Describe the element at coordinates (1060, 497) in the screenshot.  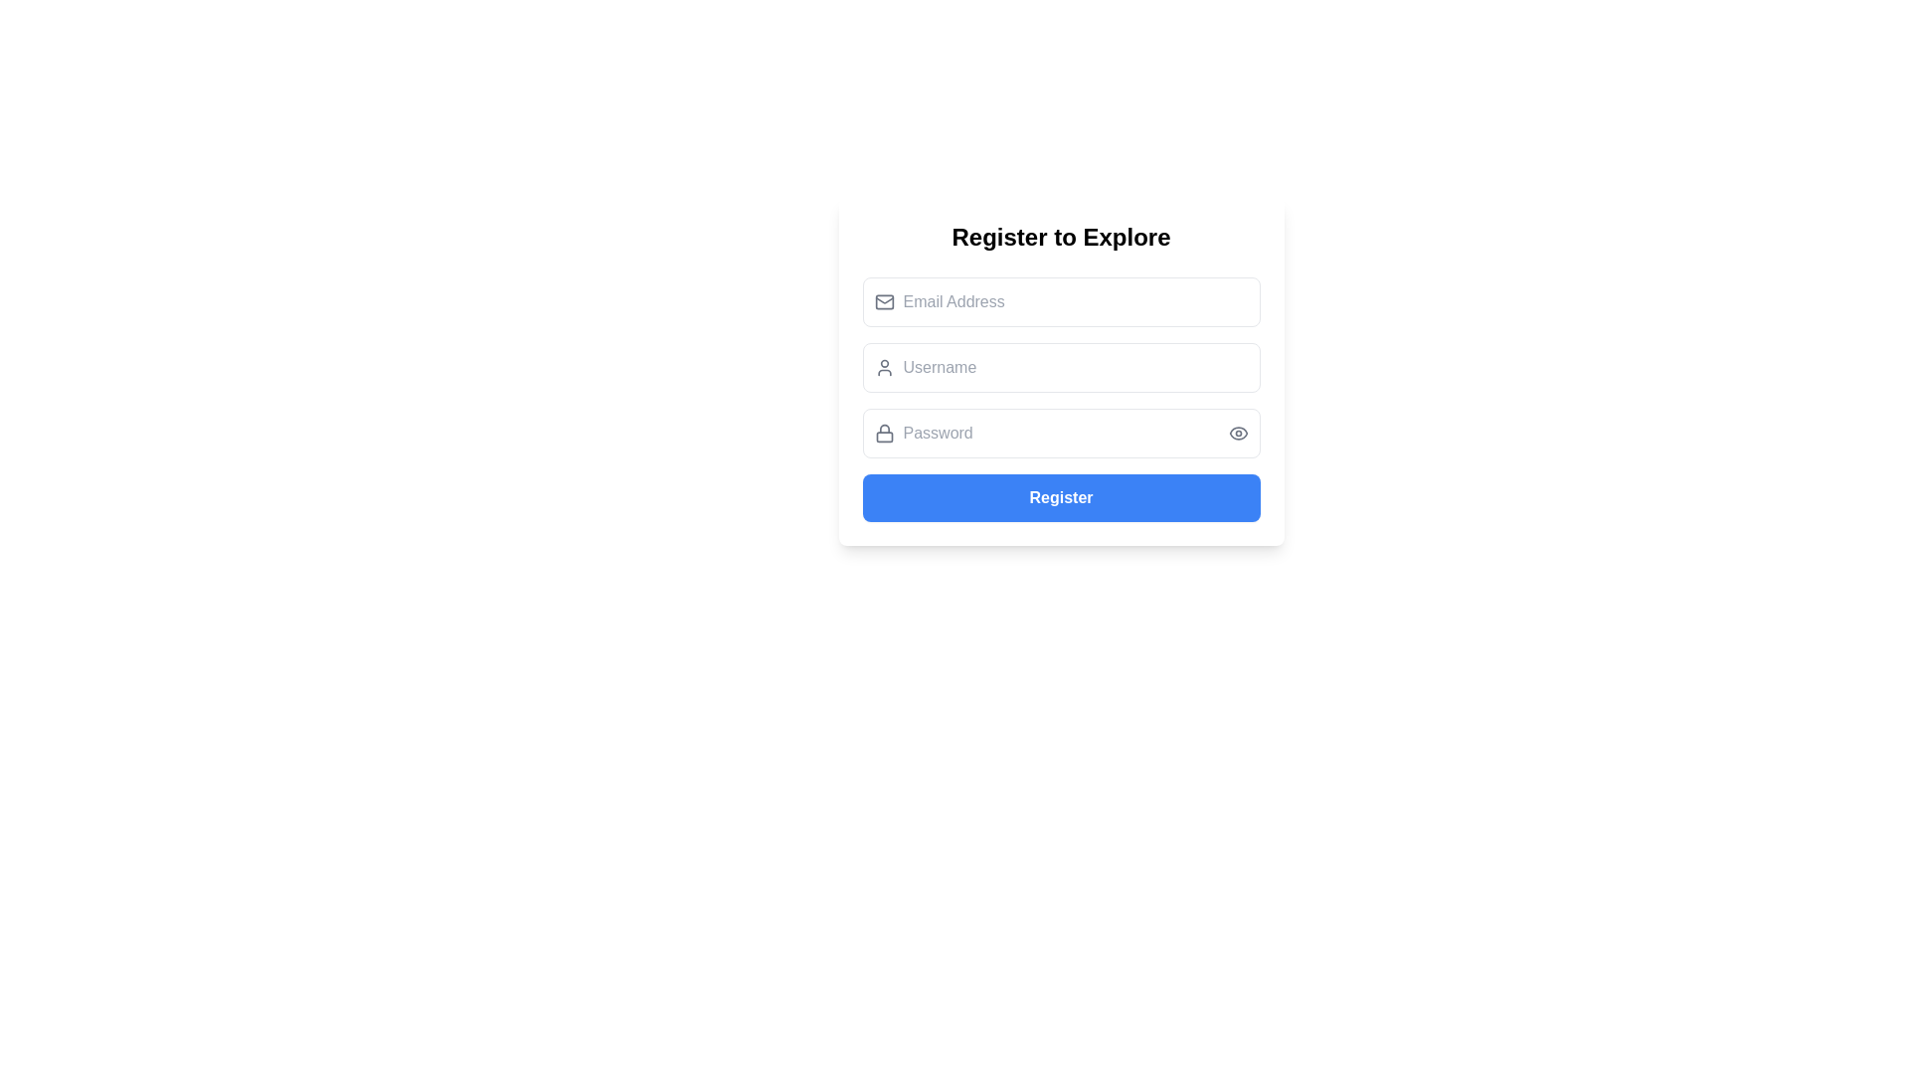
I see `the 'Register' button, which is styled with a rounded blue background and white text` at that location.